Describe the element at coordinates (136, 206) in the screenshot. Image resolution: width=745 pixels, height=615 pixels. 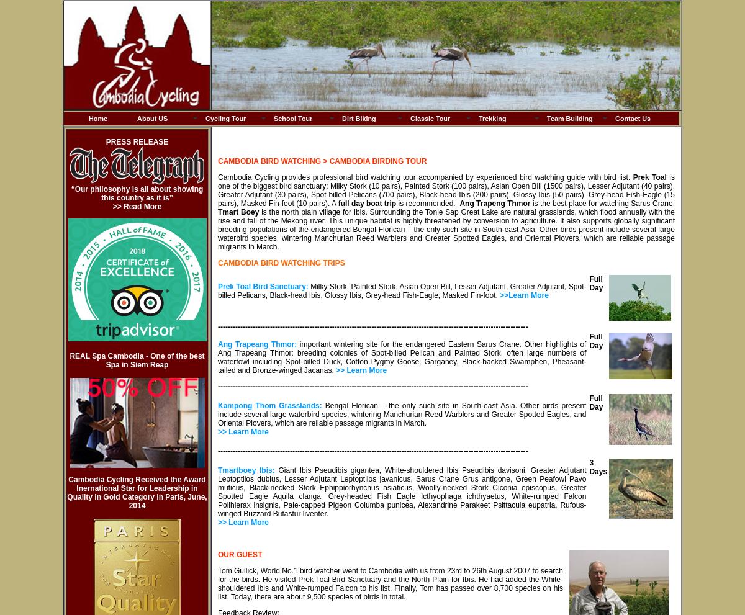
I see `'>> Read More'` at that location.